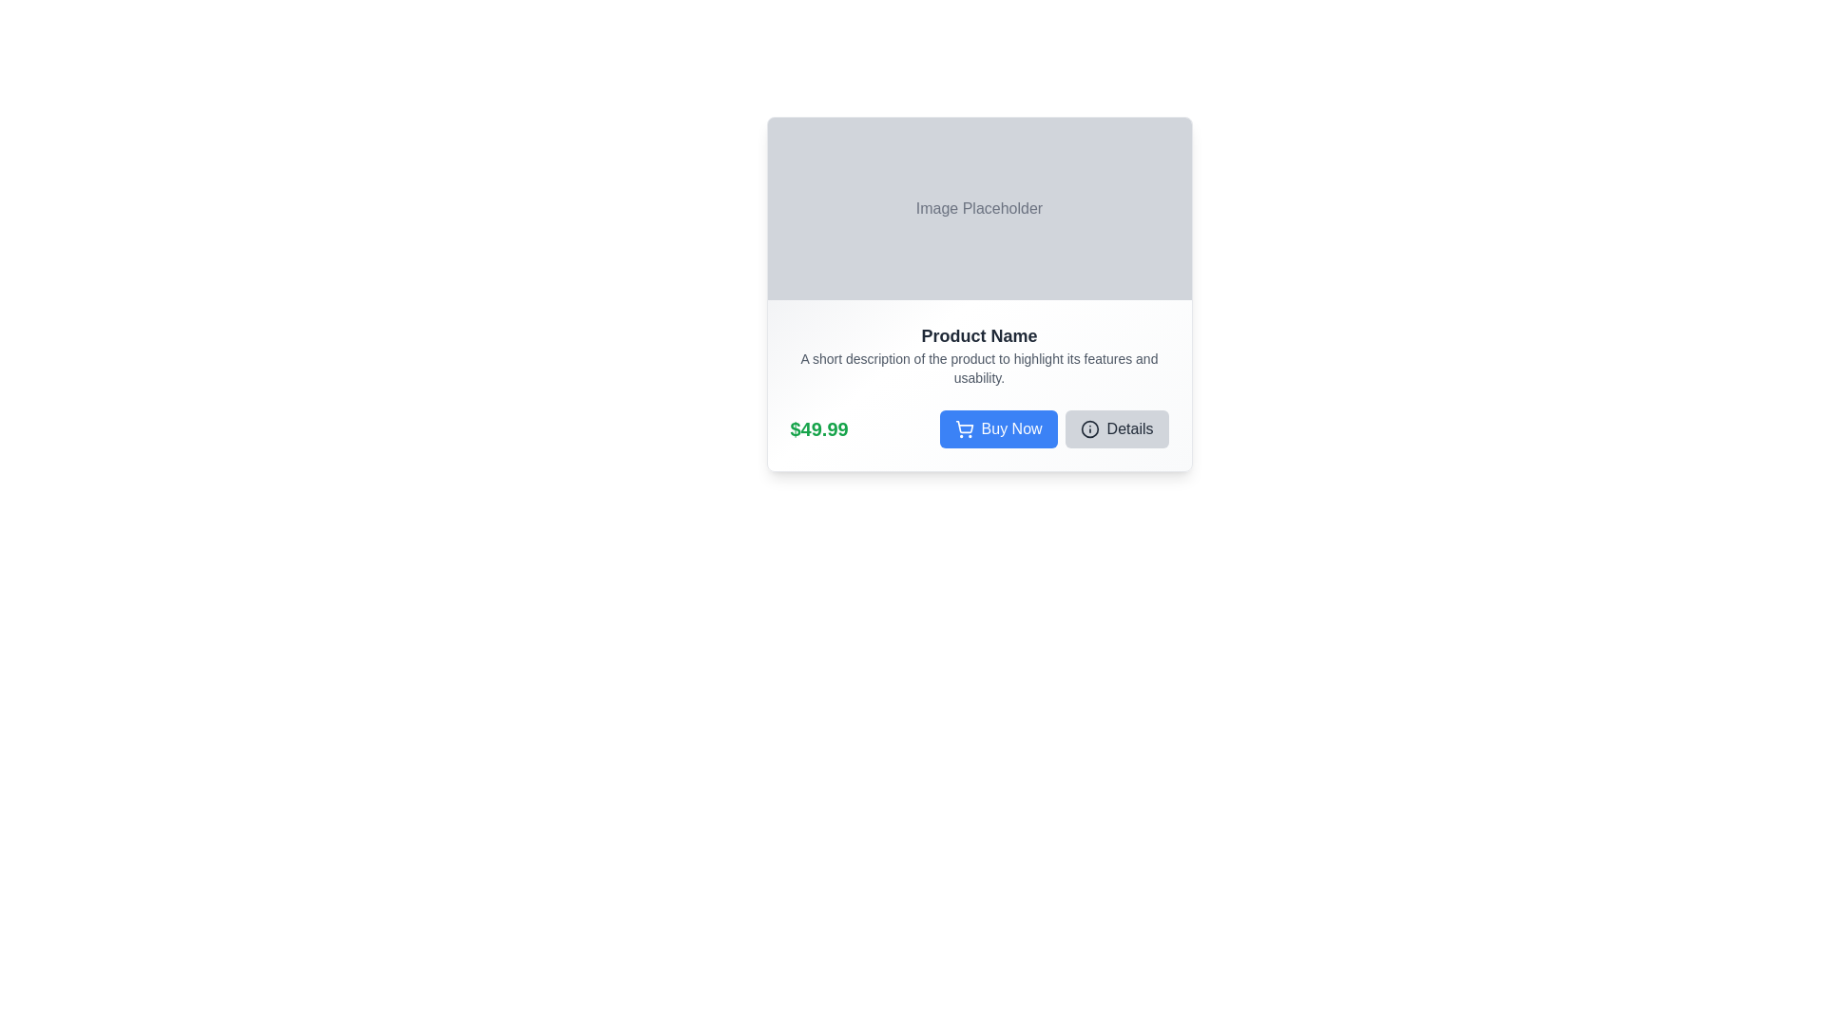 Image resolution: width=1825 pixels, height=1026 pixels. I want to click on the 'Buy Now' button located in the bottom right corner of the product preview card, next to the green price tag that reads '$49.99', to purchase the product, so click(1052, 428).